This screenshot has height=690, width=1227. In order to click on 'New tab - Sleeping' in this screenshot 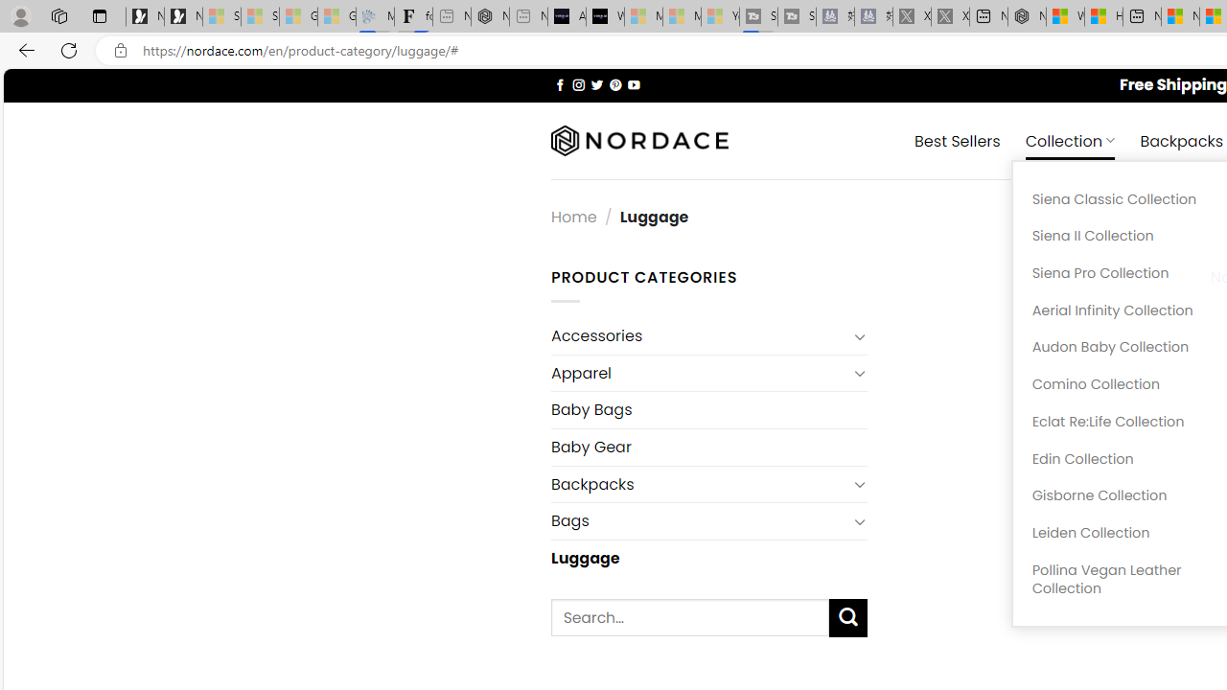, I will do `click(528, 16)`.